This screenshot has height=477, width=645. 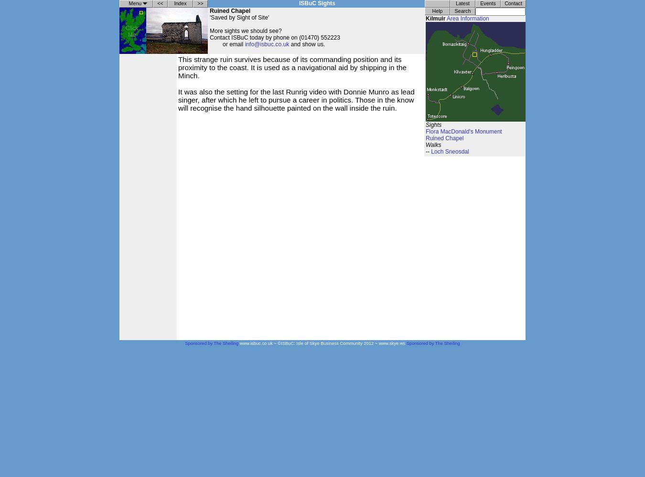 I want to click on '<<', so click(x=156, y=3).